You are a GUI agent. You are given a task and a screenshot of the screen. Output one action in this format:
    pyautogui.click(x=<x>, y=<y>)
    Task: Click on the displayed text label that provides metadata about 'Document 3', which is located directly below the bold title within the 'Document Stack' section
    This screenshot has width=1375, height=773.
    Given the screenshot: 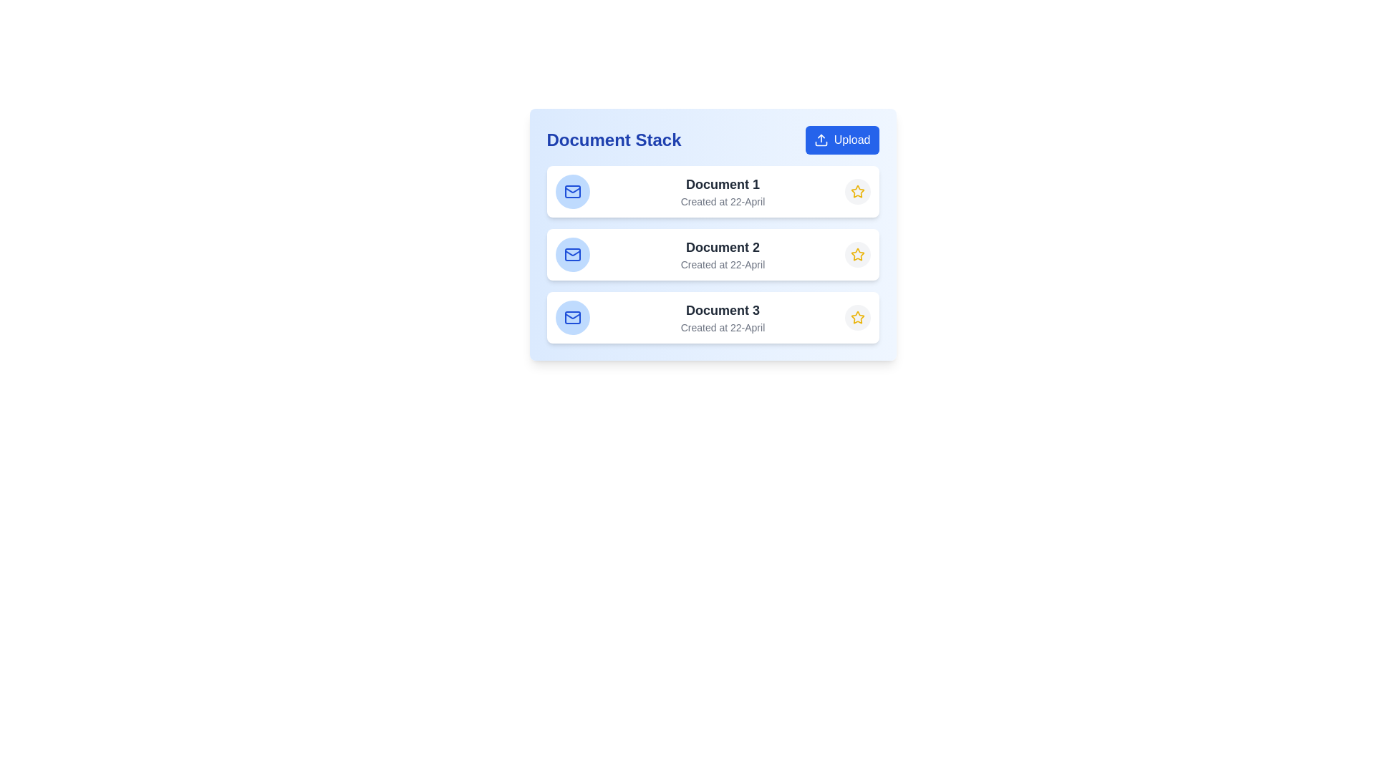 What is the action you would take?
    pyautogui.click(x=723, y=328)
    